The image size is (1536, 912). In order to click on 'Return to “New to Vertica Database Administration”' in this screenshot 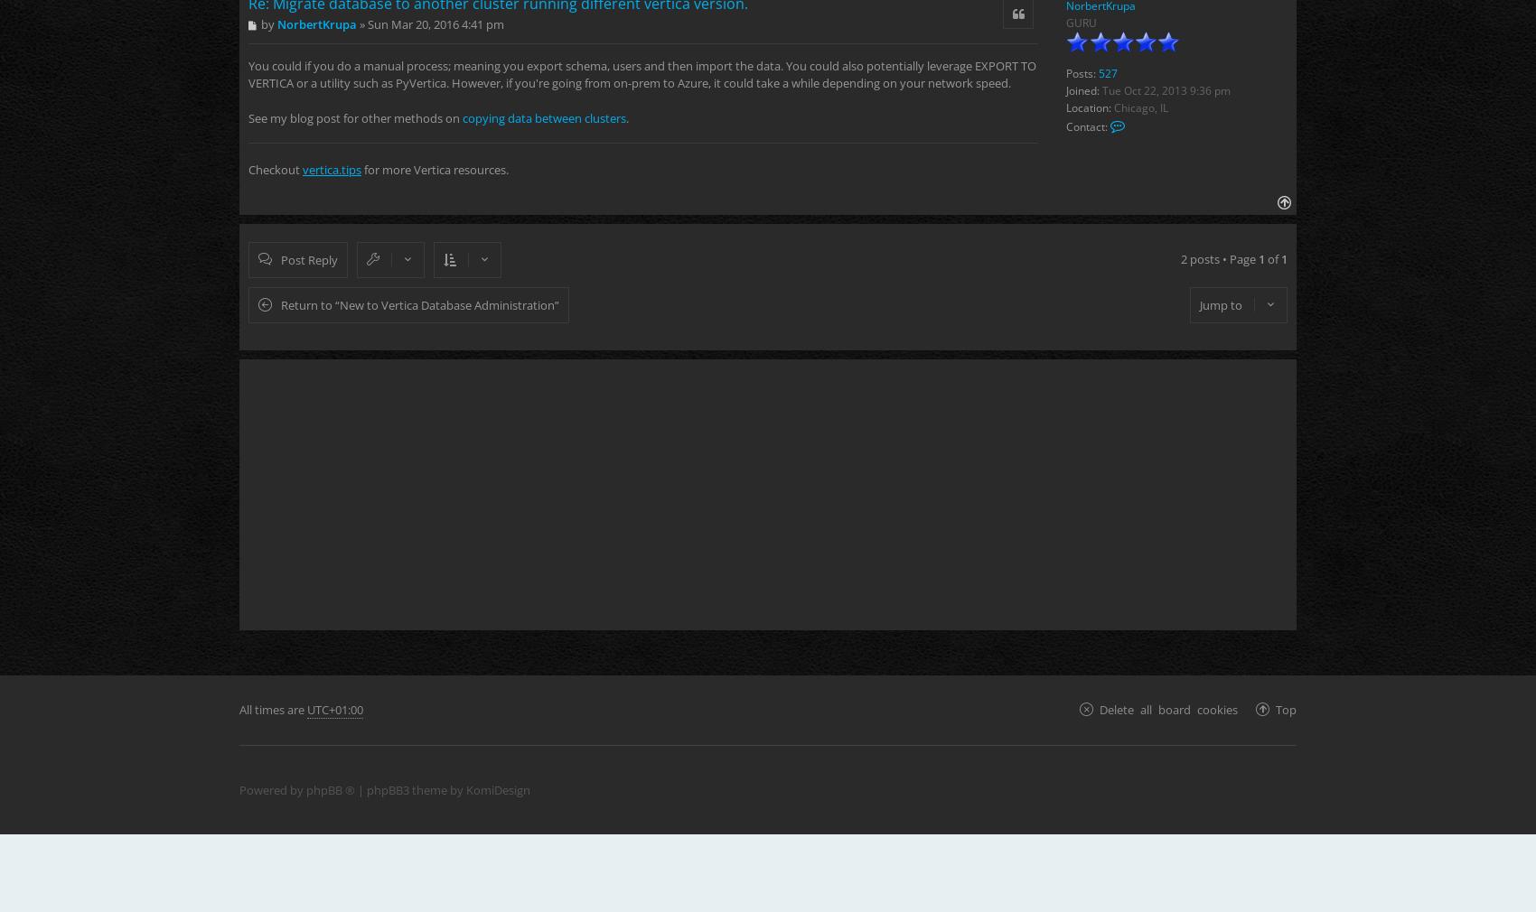, I will do `click(419, 305)`.